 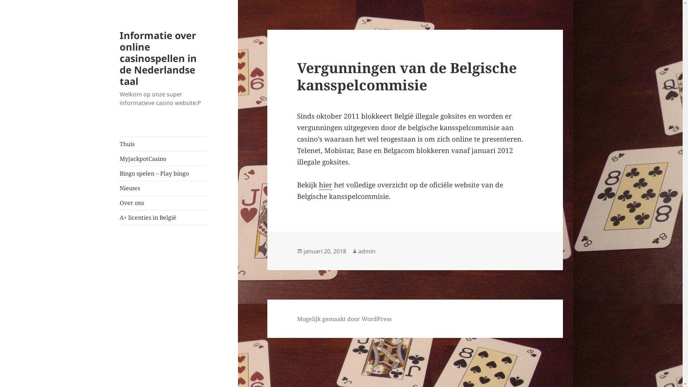 What do you see at coordinates (120, 203) in the screenshot?
I see `'Over ons'` at bounding box center [120, 203].